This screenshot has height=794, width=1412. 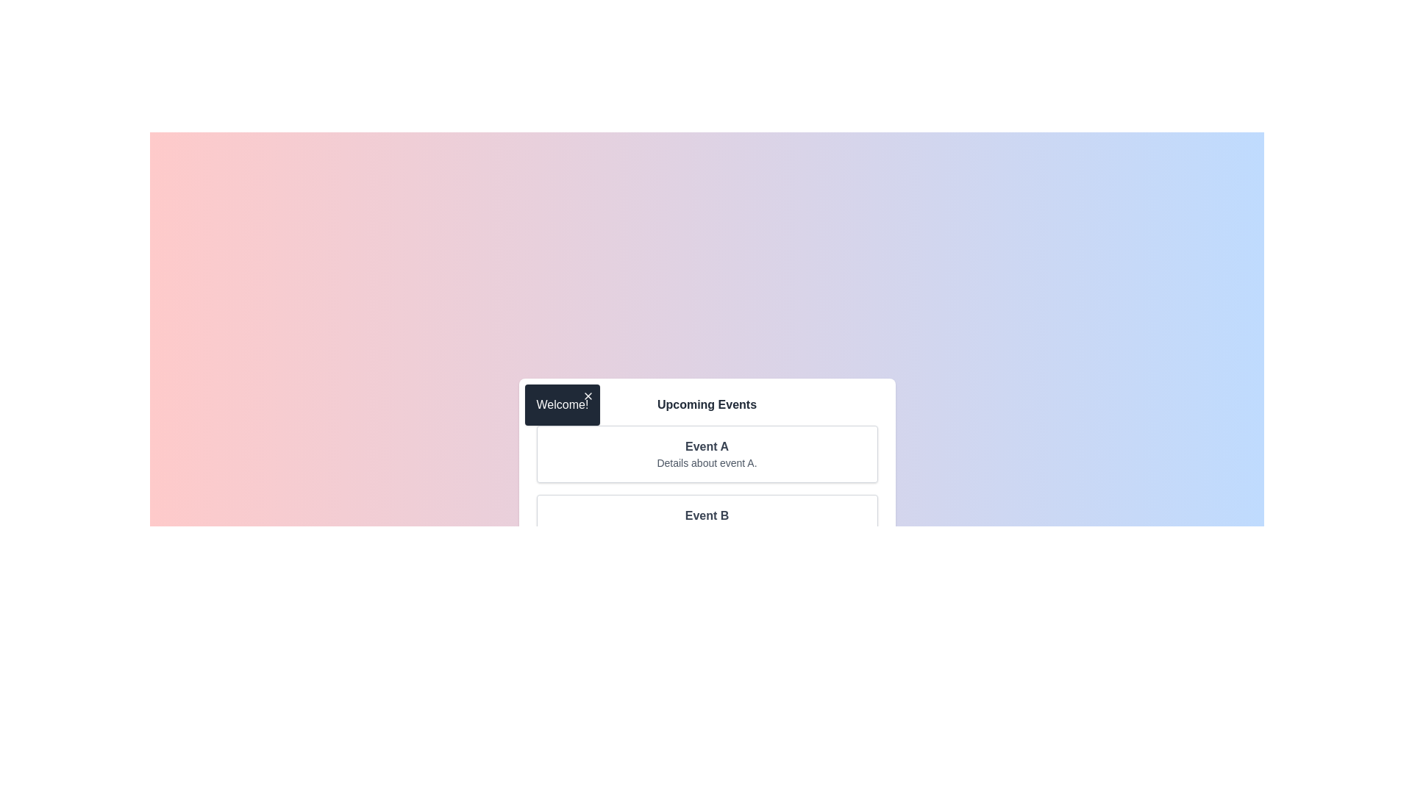 I want to click on the second event card in the 'Upcoming Events' list, so click(x=707, y=523).